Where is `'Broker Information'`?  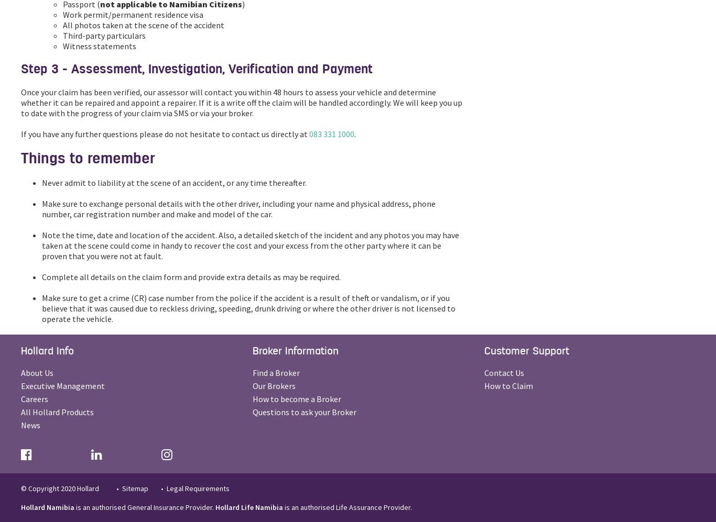 'Broker Information' is located at coordinates (295, 351).